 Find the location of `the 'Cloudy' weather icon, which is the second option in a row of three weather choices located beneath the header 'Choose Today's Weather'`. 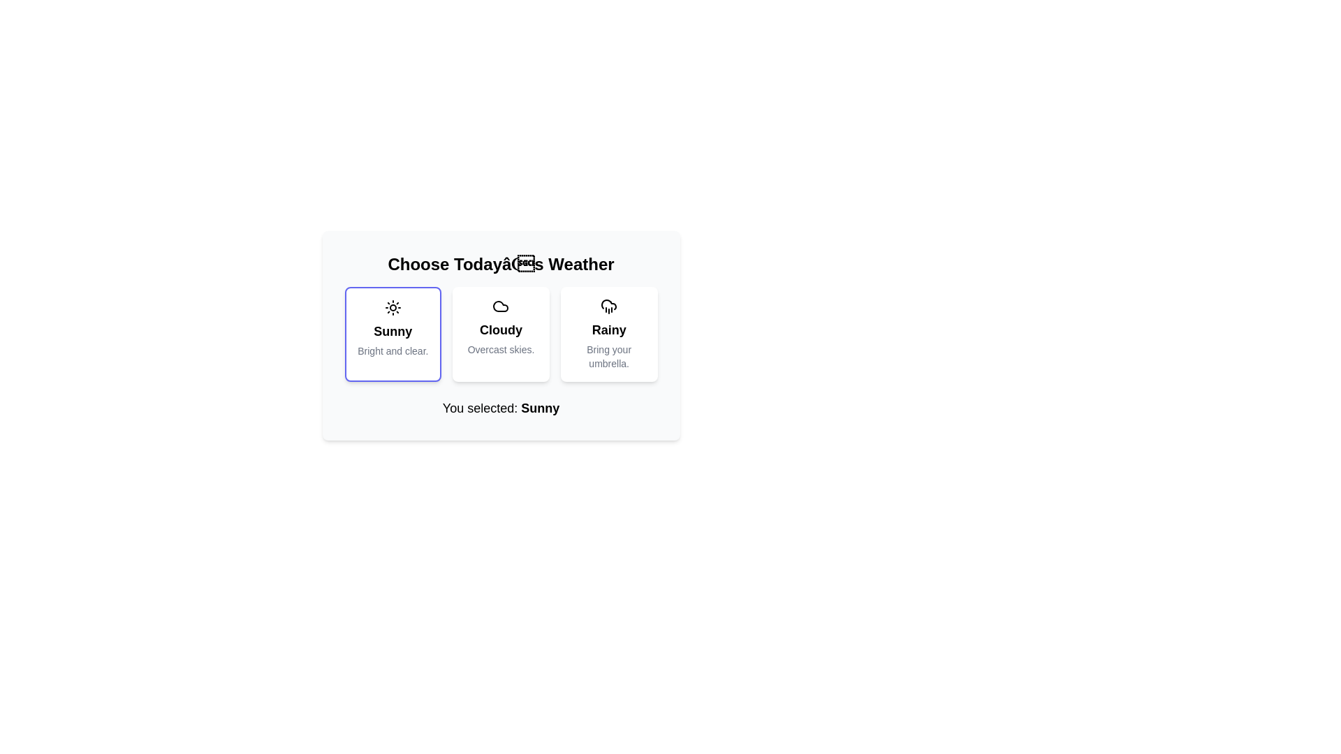

the 'Cloudy' weather icon, which is the second option in a row of three weather choices located beneath the header 'Choose Today's Weather' is located at coordinates (501, 306).